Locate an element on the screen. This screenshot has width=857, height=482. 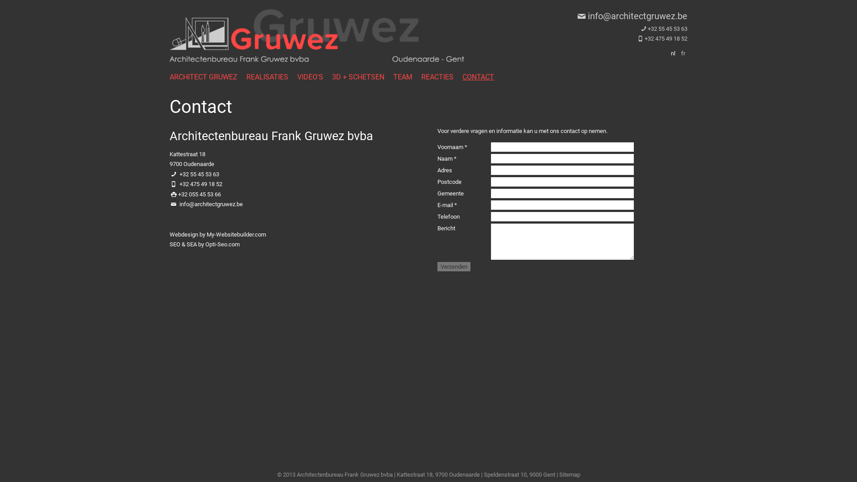
'My-Websitebuilder.com' is located at coordinates (236, 234).